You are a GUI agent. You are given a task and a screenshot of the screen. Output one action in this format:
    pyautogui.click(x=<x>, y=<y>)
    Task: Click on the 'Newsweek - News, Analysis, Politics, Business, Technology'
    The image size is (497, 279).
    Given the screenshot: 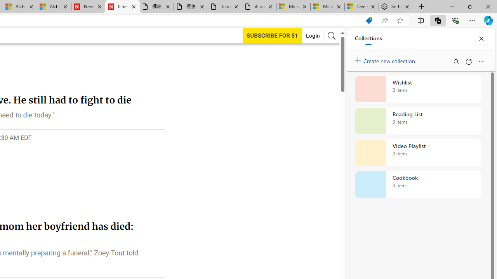 What is the action you would take?
    pyautogui.click(x=88, y=7)
    